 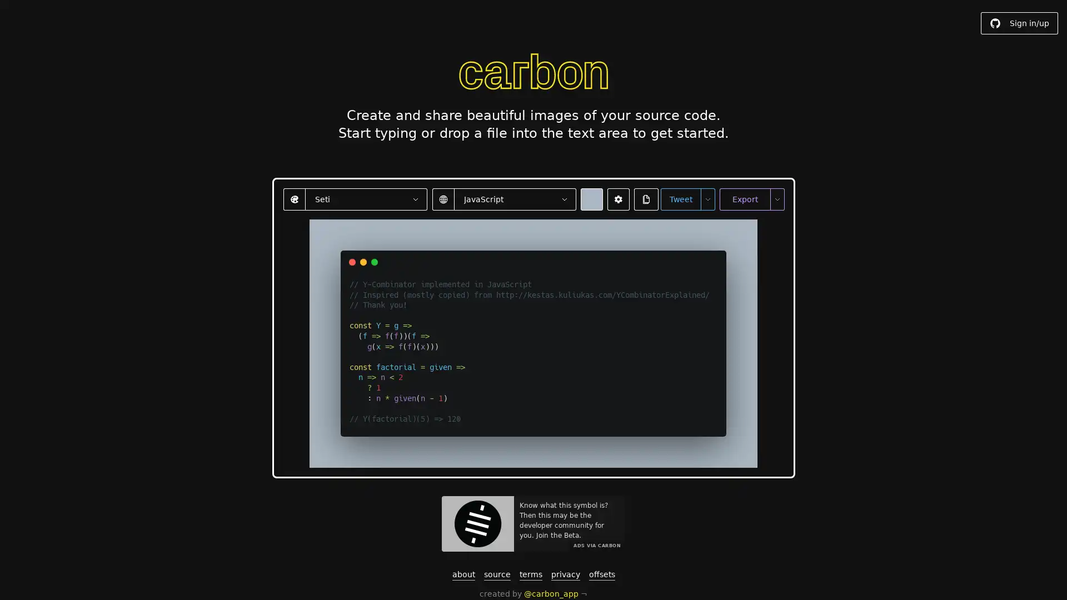 I want to click on Copy menu, so click(x=646, y=198).